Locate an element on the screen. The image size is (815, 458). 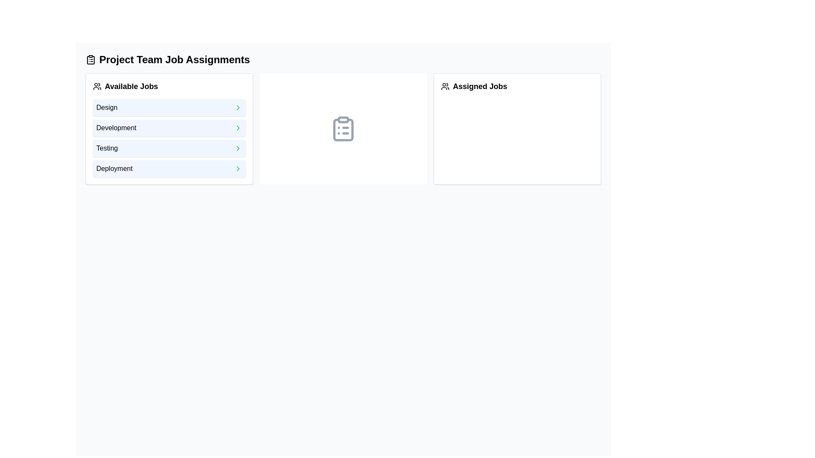
the decorative icon located to the left of the header text 'Project Team Job Assignments' in the top-left part of the interface is located at coordinates (91, 59).